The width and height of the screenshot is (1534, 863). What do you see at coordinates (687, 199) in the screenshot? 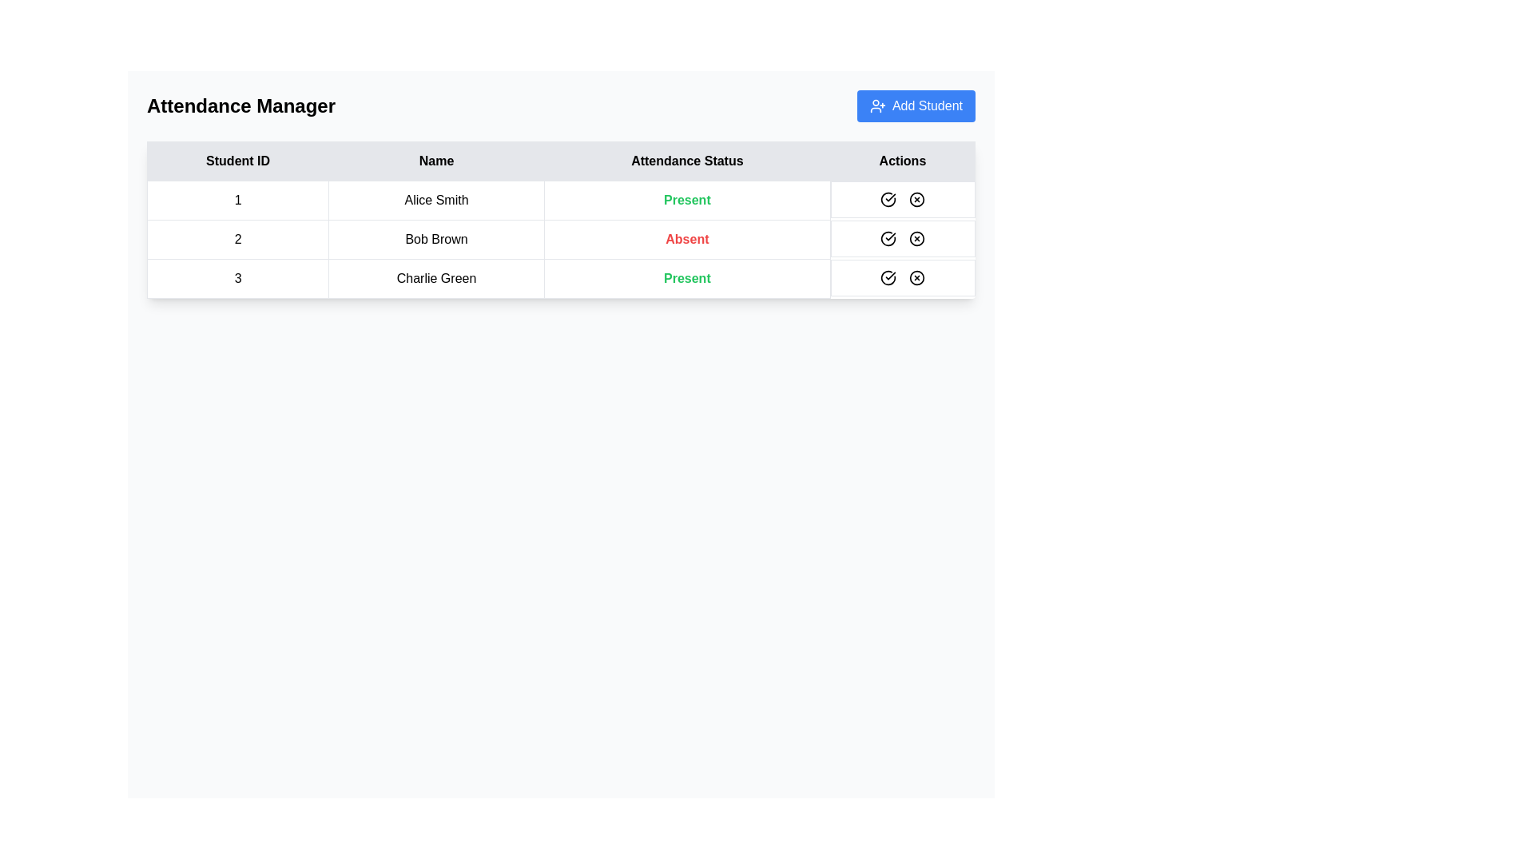
I see `the 'Present' text label indicating attendance status for 'Alice Smith' in the Attendance Status column of the table` at bounding box center [687, 199].